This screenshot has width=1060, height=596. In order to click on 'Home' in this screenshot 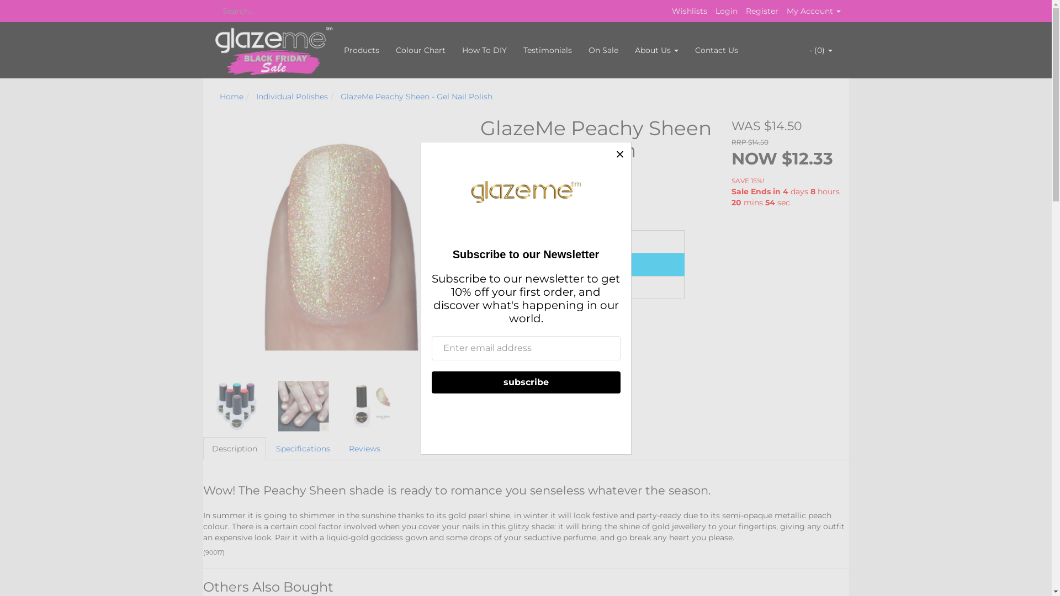, I will do `click(231, 95)`.